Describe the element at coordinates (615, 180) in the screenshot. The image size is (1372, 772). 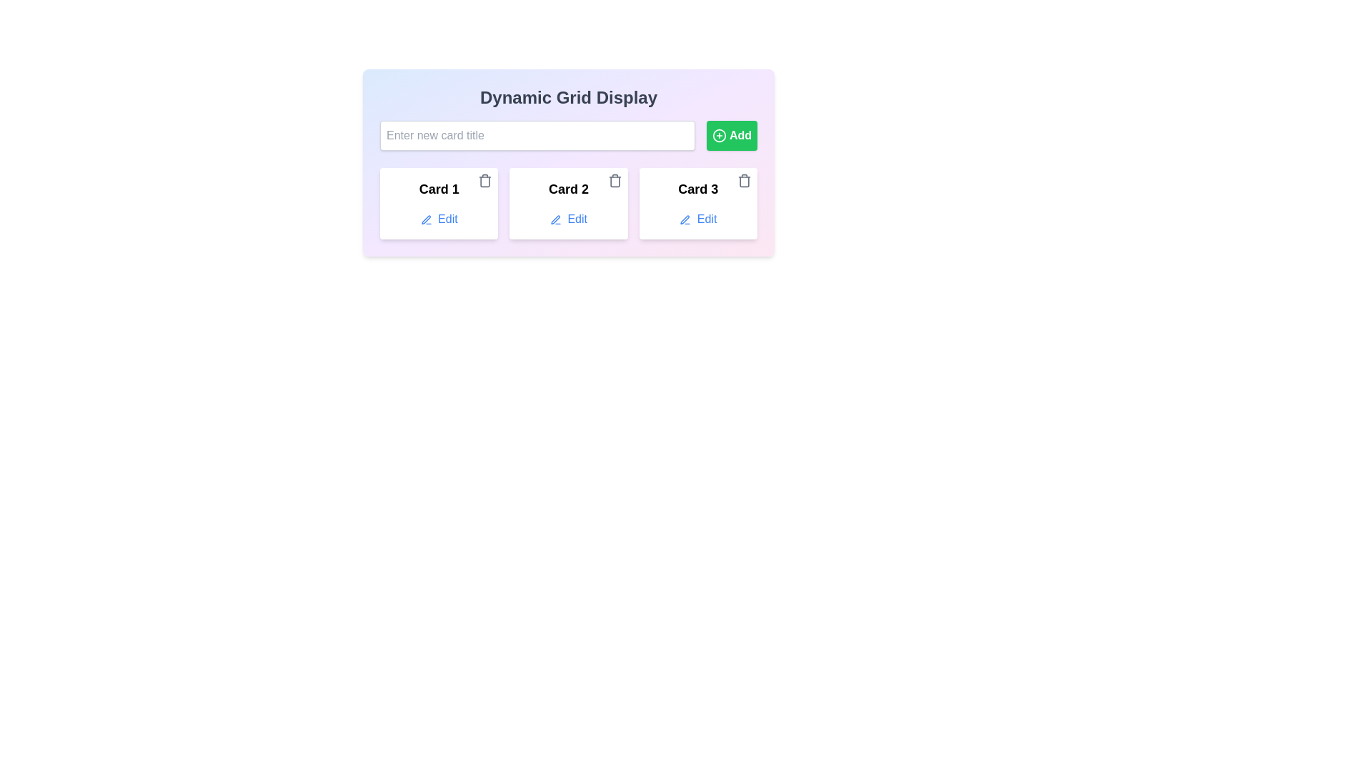
I see `the delete icon styled as a trash can located at the top-right corner of 'Card 2'` at that location.